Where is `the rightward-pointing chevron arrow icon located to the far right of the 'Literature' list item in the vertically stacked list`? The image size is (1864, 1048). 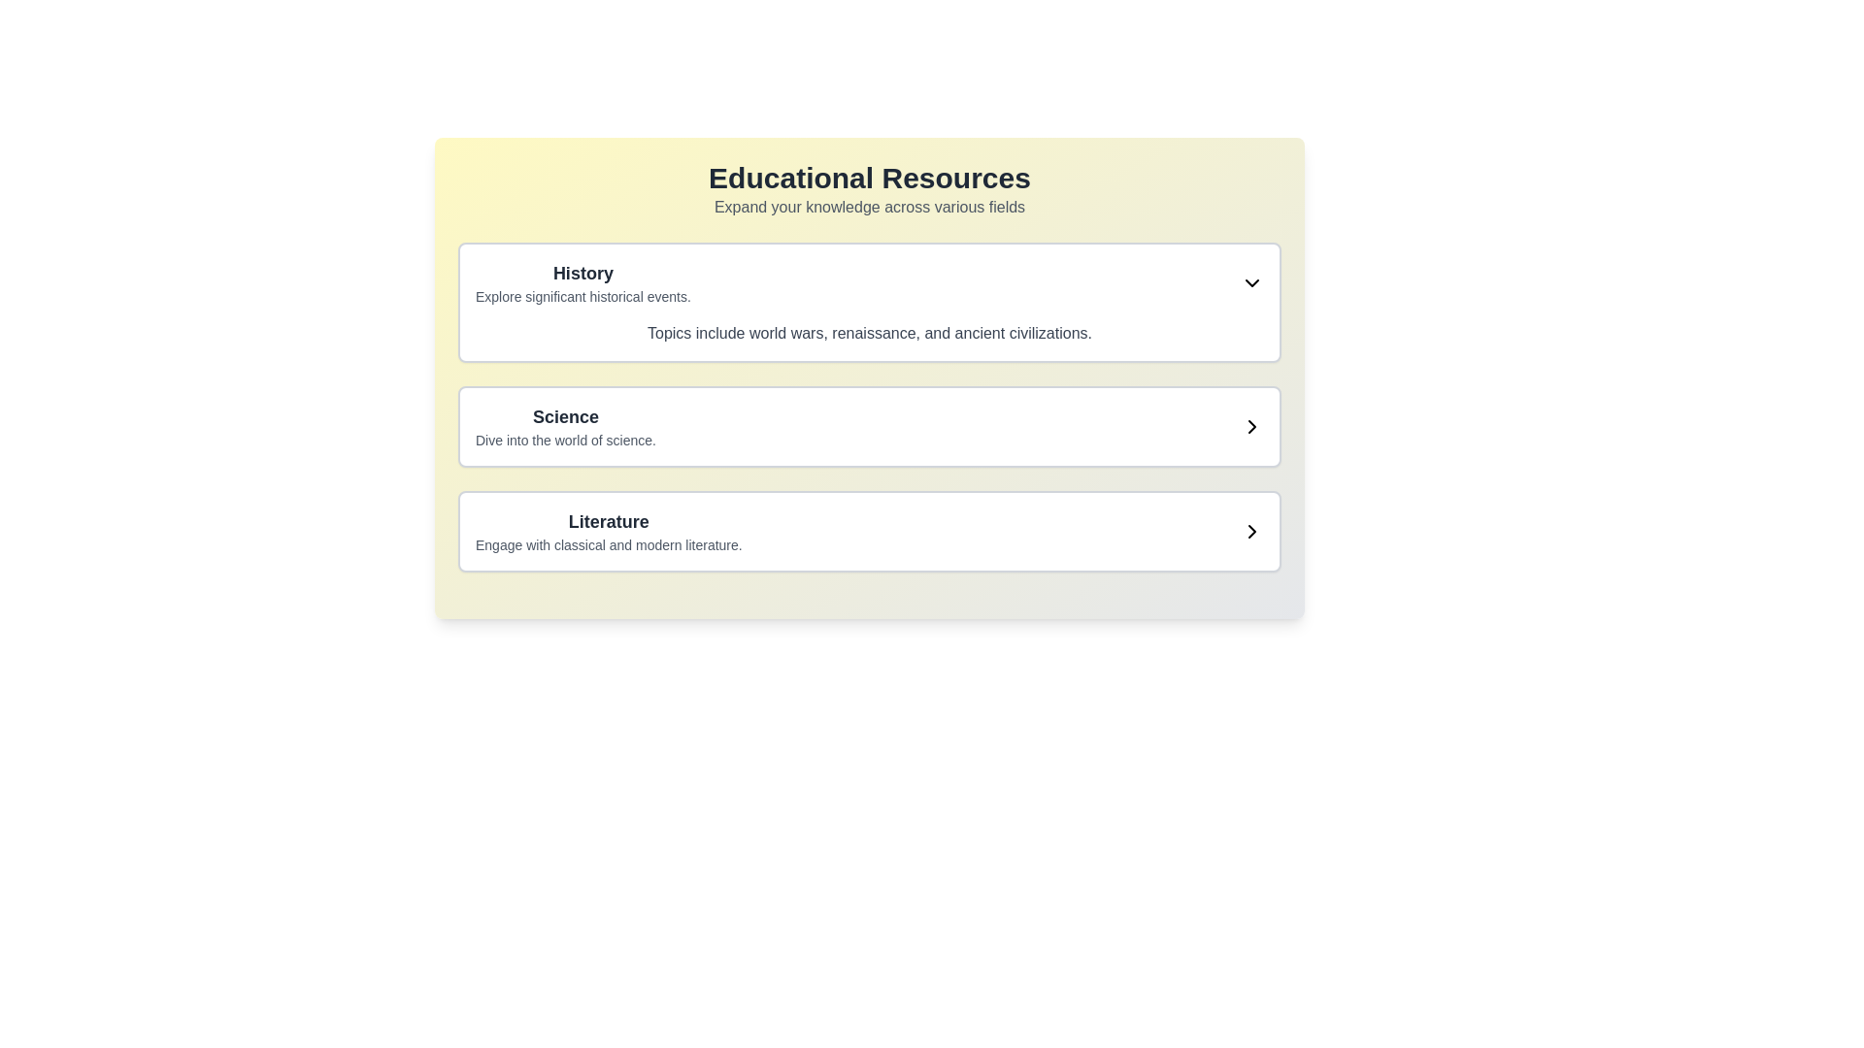 the rightward-pointing chevron arrow icon located to the far right of the 'Literature' list item in the vertically stacked list is located at coordinates (1252, 531).